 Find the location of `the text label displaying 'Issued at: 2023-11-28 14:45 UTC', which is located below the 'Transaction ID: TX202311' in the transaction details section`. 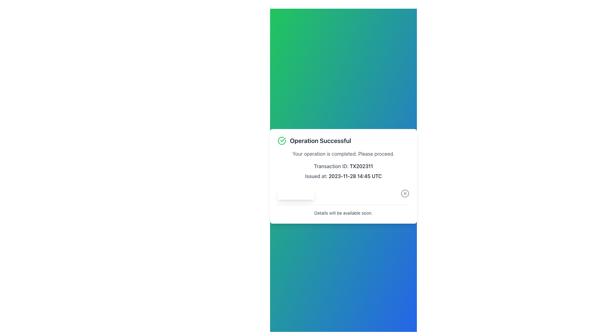

the text label displaying 'Issued at: 2023-11-28 14:45 UTC', which is located below the 'Transaction ID: TX202311' in the transaction details section is located at coordinates (343, 176).